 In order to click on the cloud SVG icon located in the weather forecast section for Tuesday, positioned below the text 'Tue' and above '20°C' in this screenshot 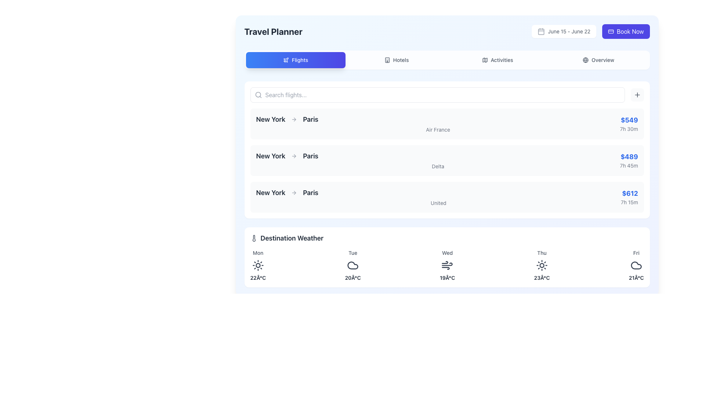, I will do `click(352, 265)`.